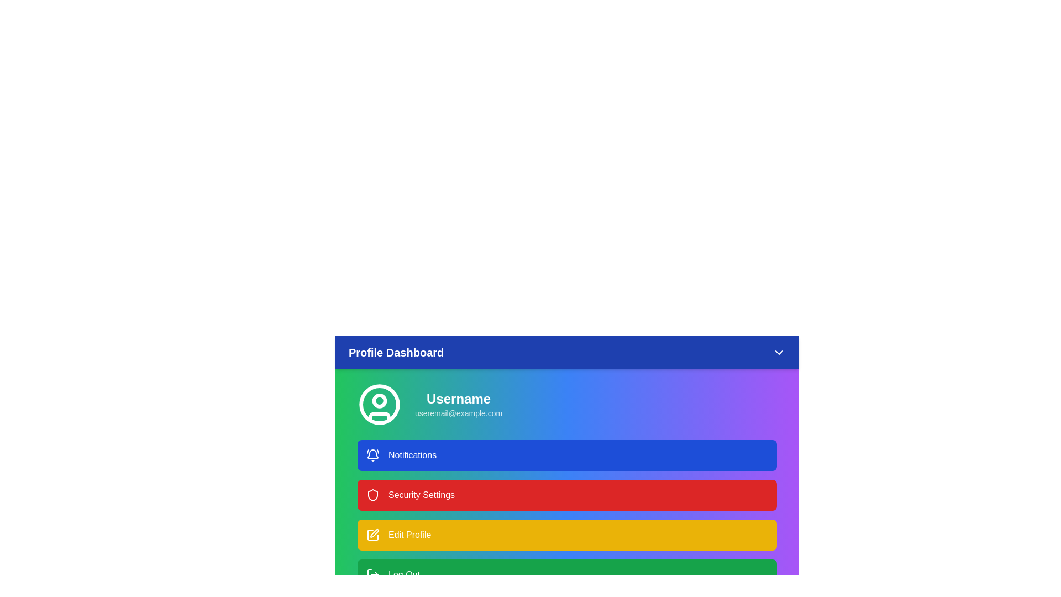 This screenshot has width=1061, height=597. Describe the element at coordinates (567, 535) in the screenshot. I see `'Edit Profile' menu item` at that location.